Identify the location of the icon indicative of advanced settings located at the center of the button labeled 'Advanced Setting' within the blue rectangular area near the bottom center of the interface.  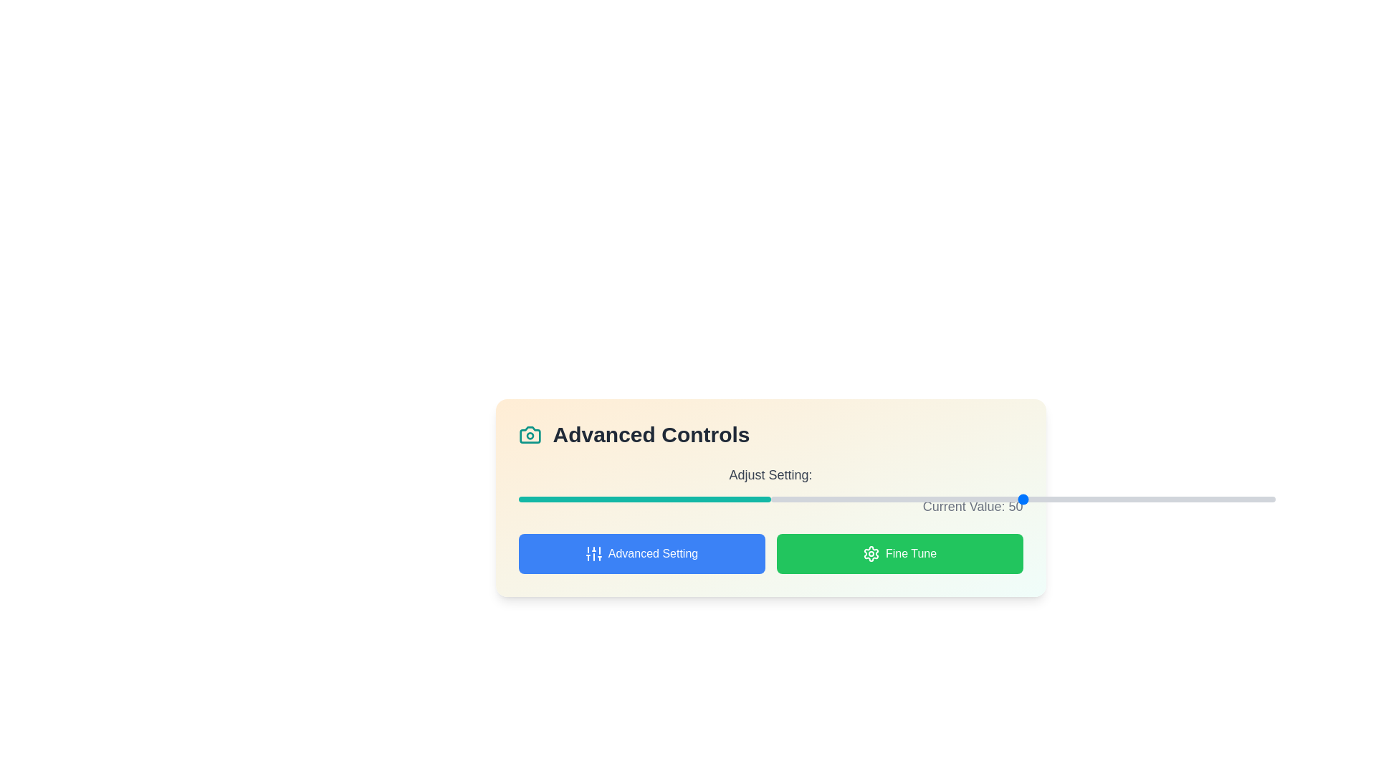
(593, 553).